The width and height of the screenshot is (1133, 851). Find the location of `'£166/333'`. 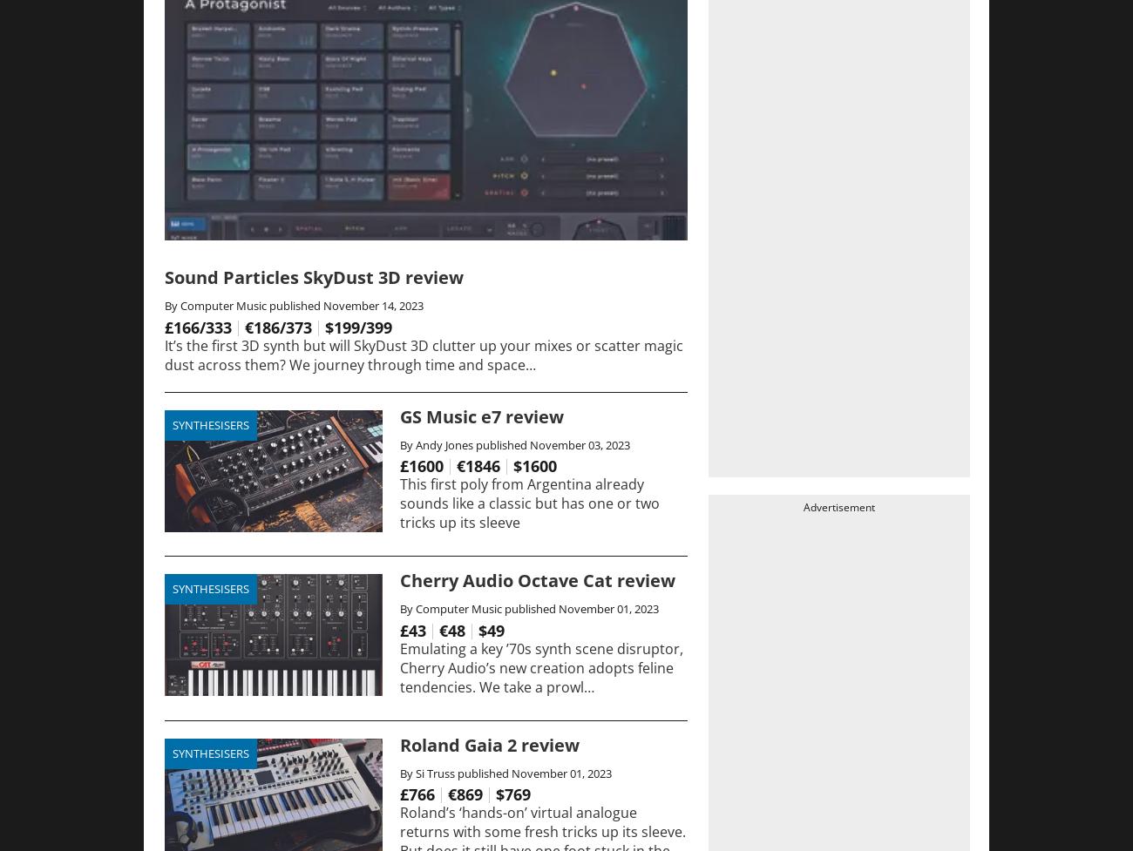

'£166/333' is located at coordinates (197, 326).